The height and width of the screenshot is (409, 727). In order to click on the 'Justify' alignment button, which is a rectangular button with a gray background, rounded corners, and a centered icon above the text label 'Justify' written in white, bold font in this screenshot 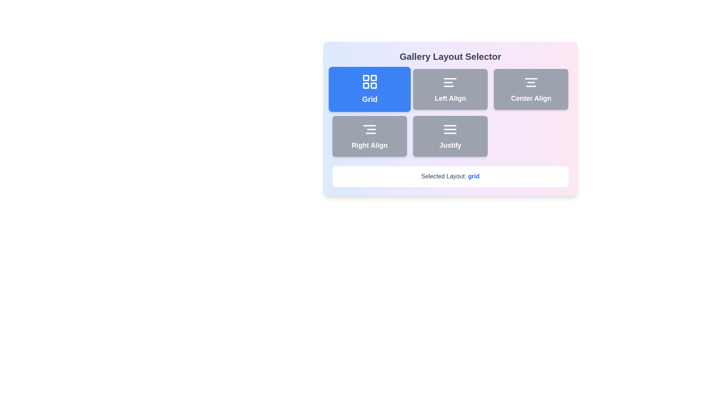, I will do `click(450, 136)`.